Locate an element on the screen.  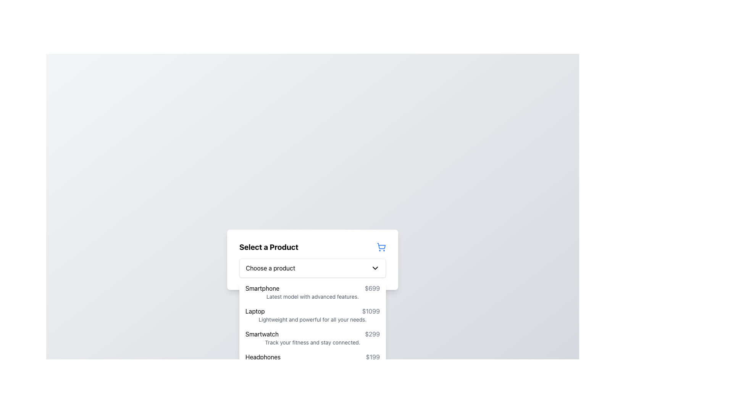
the 'Smartphone' text label in the product selection dropdown menu is located at coordinates (262, 288).